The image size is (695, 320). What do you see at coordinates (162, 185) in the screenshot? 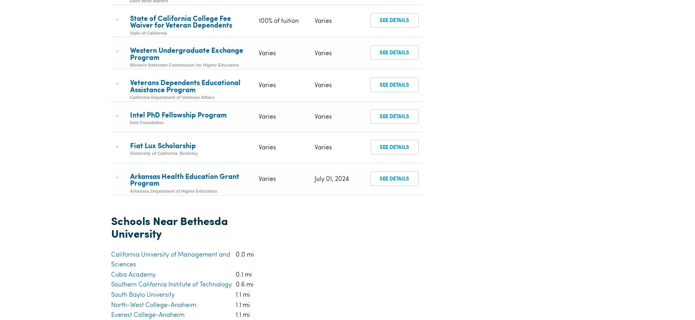
I see `'American Career College-Anaheim'` at bounding box center [162, 185].